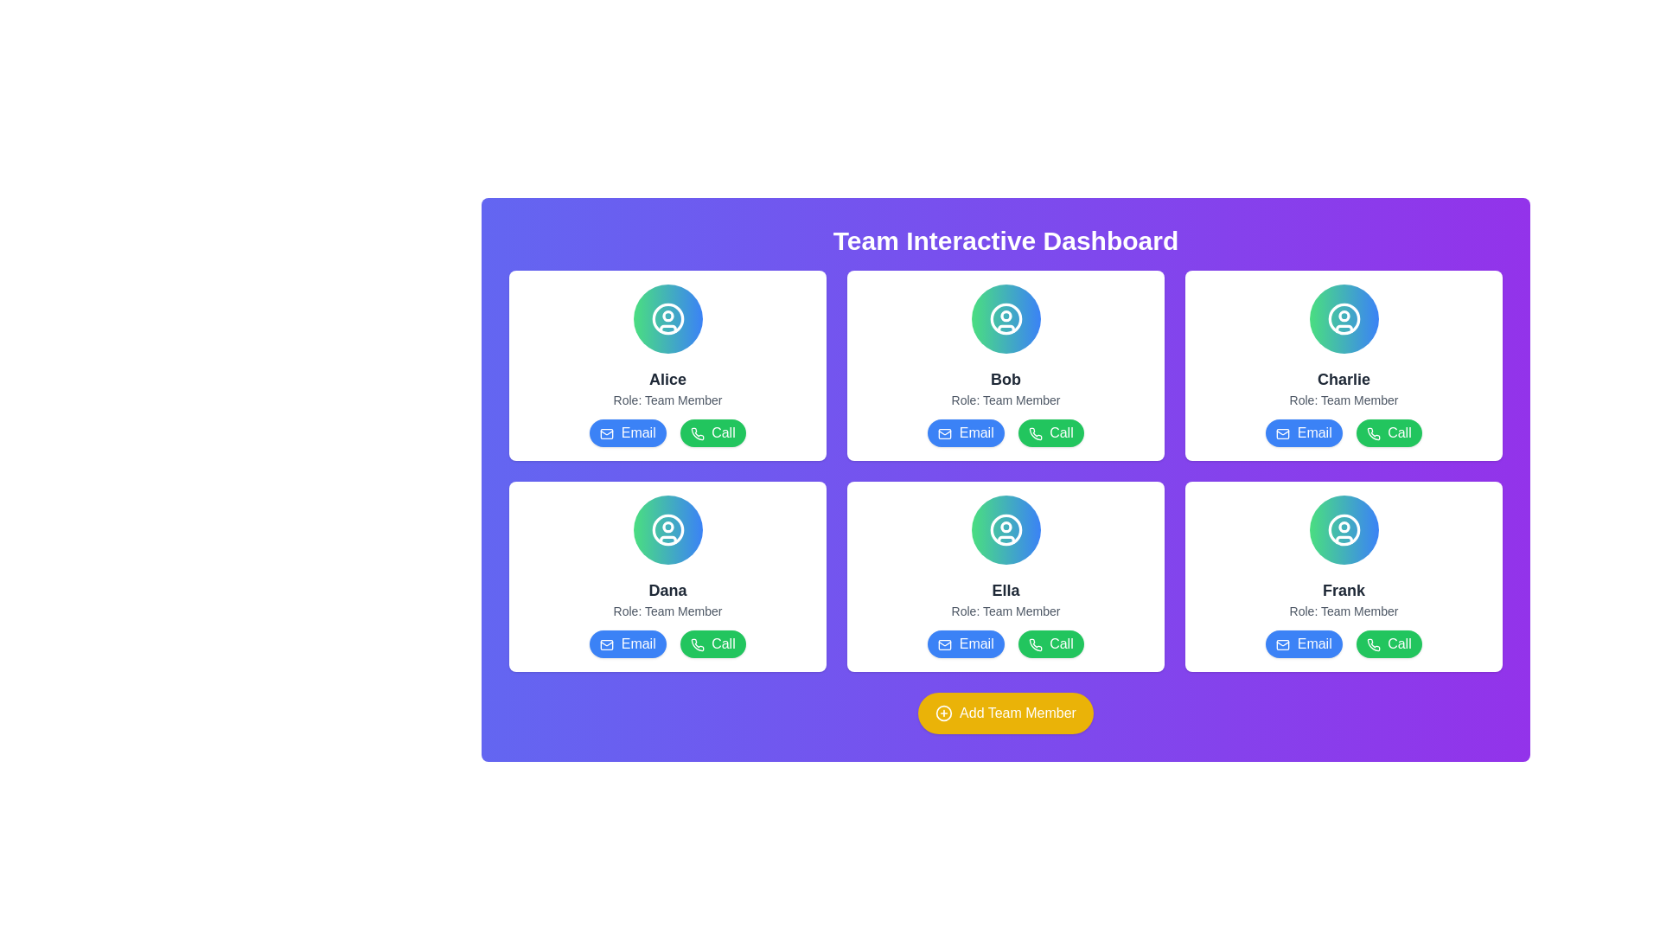  Describe the element at coordinates (1372, 644) in the screenshot. I see `the 'Call' button containing the phone icon located under the member profile labeled 'Frank' in the team members grid` at that location.